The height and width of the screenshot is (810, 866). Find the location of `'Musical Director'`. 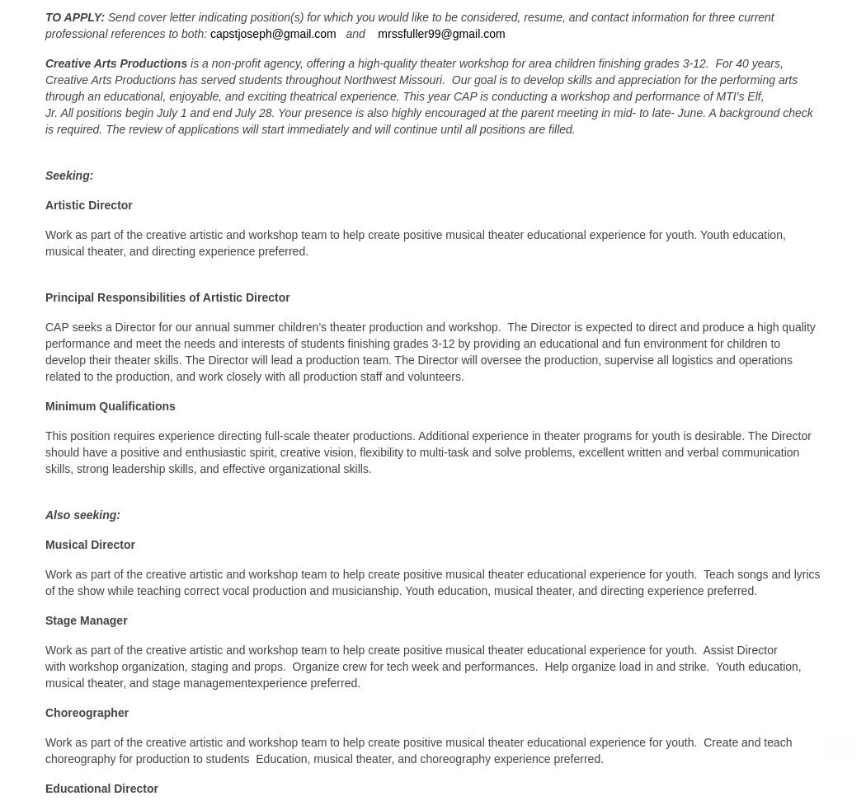

'Musical Director' is located at coordinates (89, 543).